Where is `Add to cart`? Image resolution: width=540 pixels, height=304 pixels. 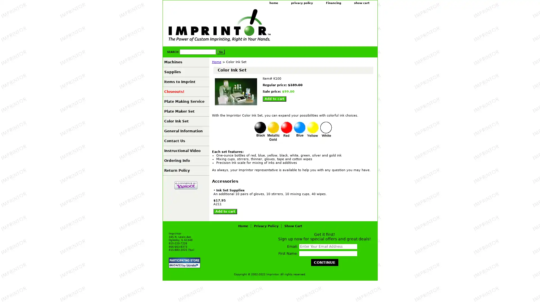 Add to cart is located at coordinates (225, 211).